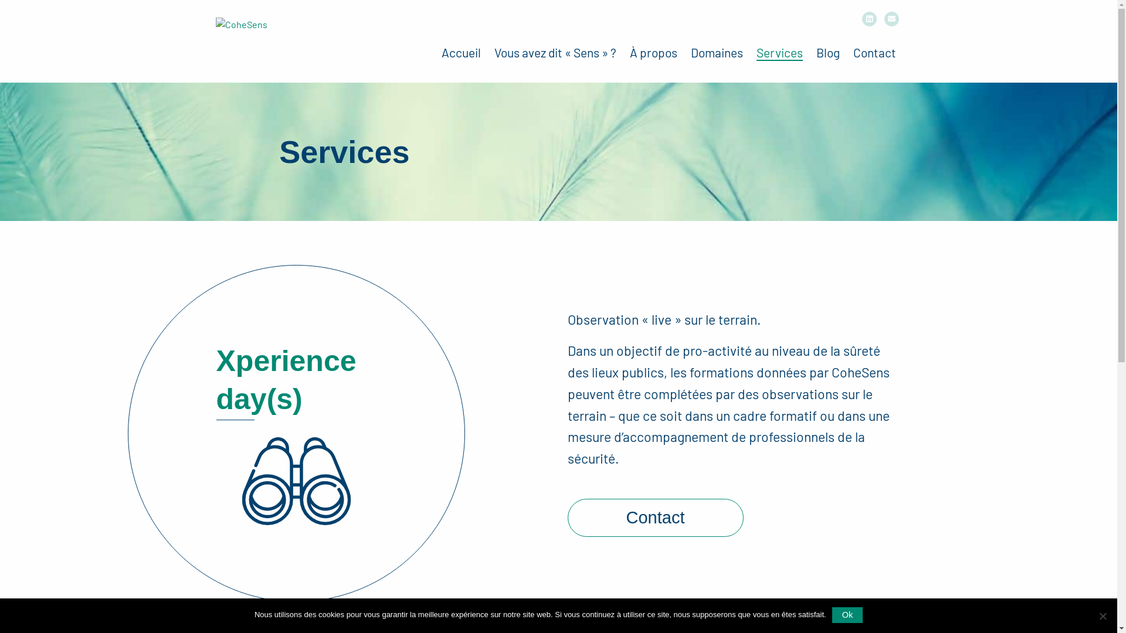  What do you see at coordinates (1096, 615) in the screenshot?
I see `'Non'` at bounding box center [1096, 615].